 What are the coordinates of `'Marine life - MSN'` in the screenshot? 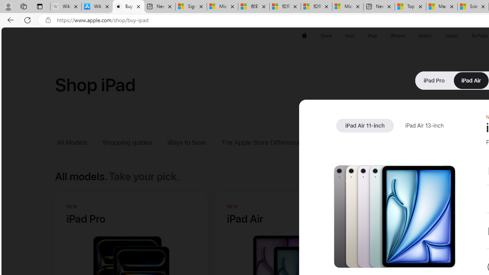 It's located at (442, 6).